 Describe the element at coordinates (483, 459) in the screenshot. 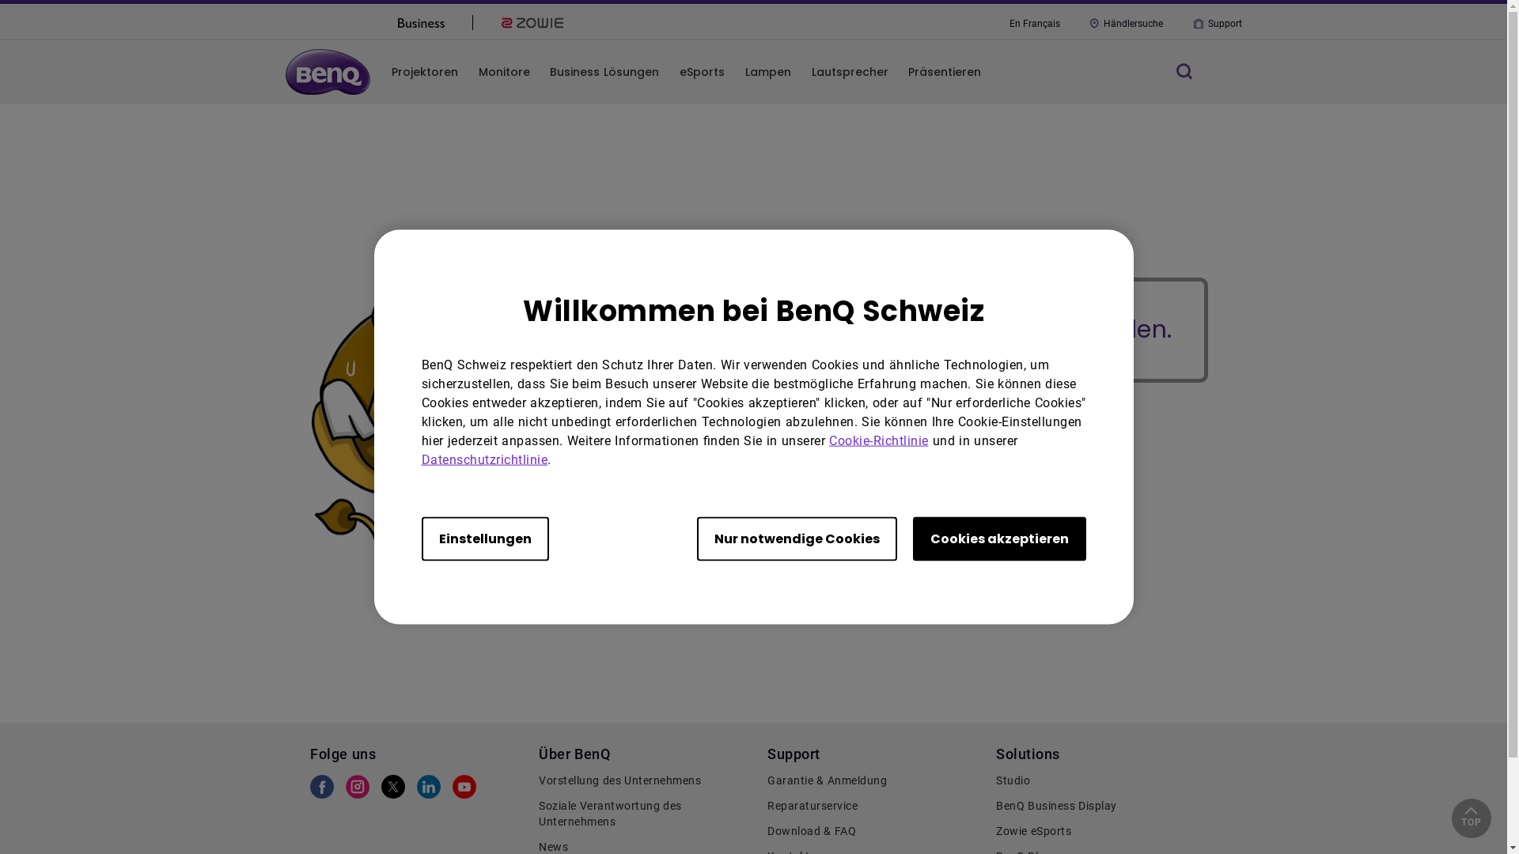

I see `'Datenschutzrichtlinie'` at that location.